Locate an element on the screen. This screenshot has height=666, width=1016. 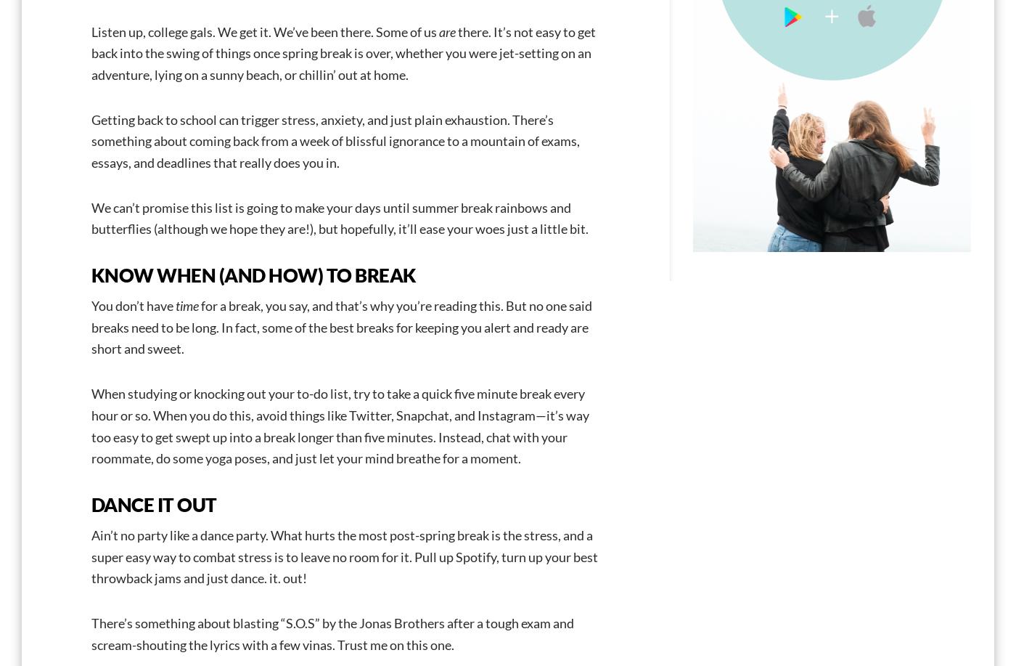
'Ain’t no party like a dance party. What hurts the most post-spring break is the stress, and a super easy way to combat stress is to leave no room for it. Pull up Spotify, turn up your best throwback jams and just dance. it. out!' is located at coordinates (345, 555).